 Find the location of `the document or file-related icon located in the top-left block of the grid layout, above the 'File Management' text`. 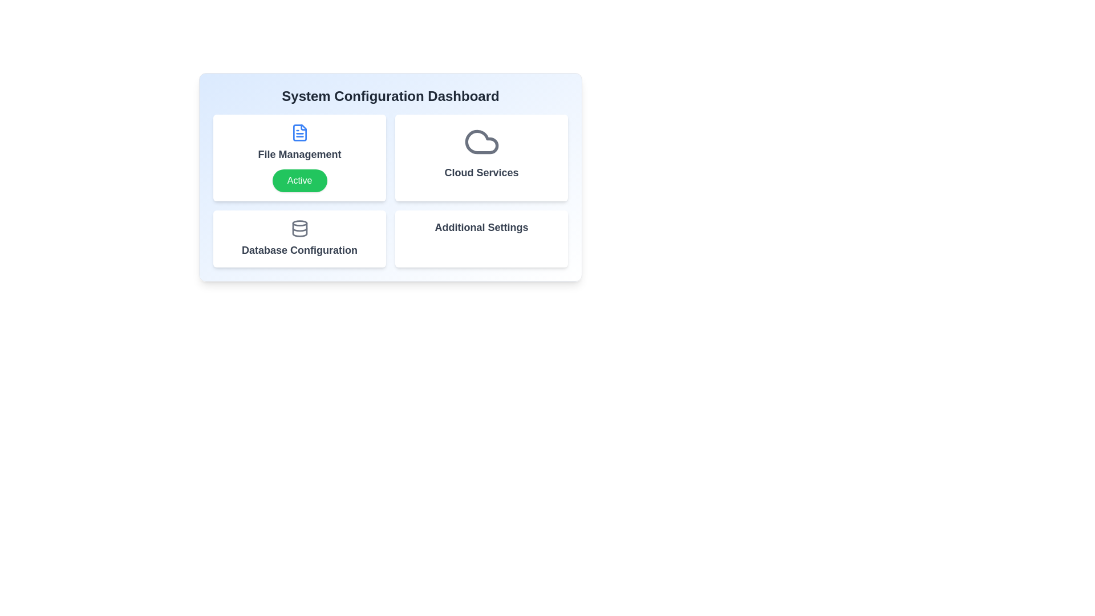

the document or file-related icon located in the top-left block of the grid layout, above the 'File Management' text is located at coordinates (299, 132).